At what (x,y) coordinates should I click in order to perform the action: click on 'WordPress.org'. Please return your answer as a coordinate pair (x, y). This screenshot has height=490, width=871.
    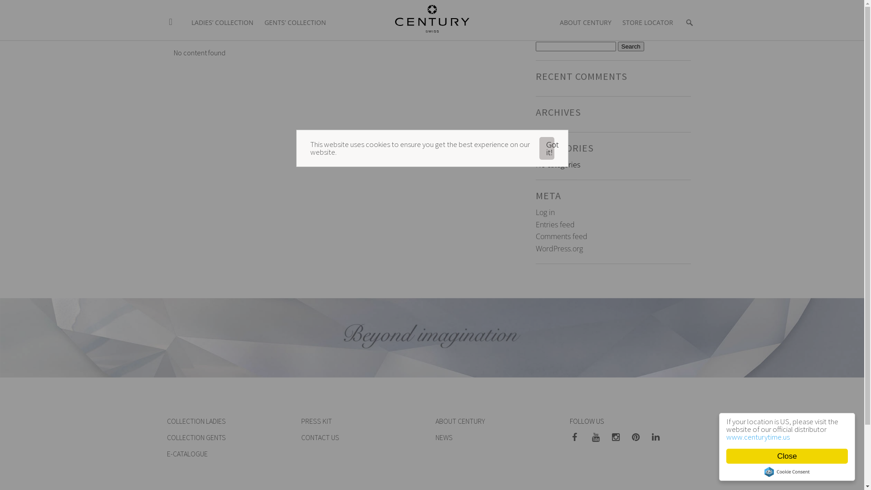
    Looking at the image, I should click on (558, 248).